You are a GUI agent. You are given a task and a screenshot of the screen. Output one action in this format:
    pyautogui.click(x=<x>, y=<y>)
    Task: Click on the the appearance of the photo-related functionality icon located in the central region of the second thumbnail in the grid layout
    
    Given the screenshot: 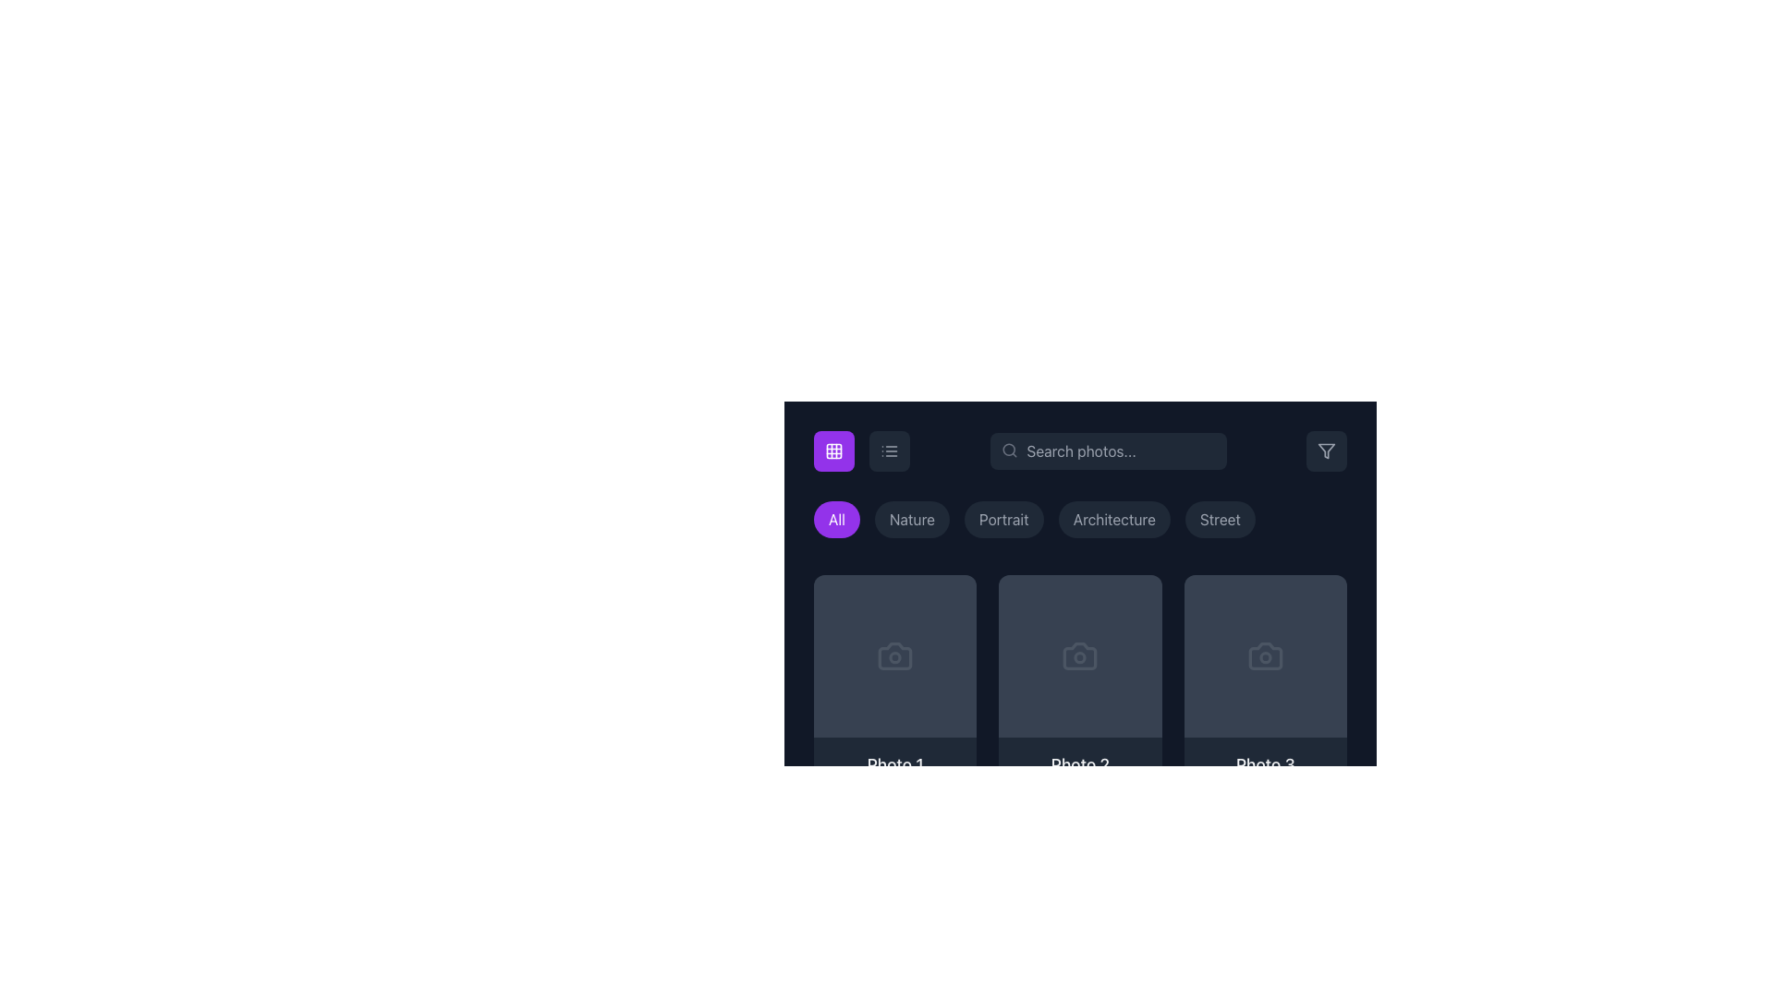 What is the action you would take?
    pyautogui.click(x=1080, y=655)
    